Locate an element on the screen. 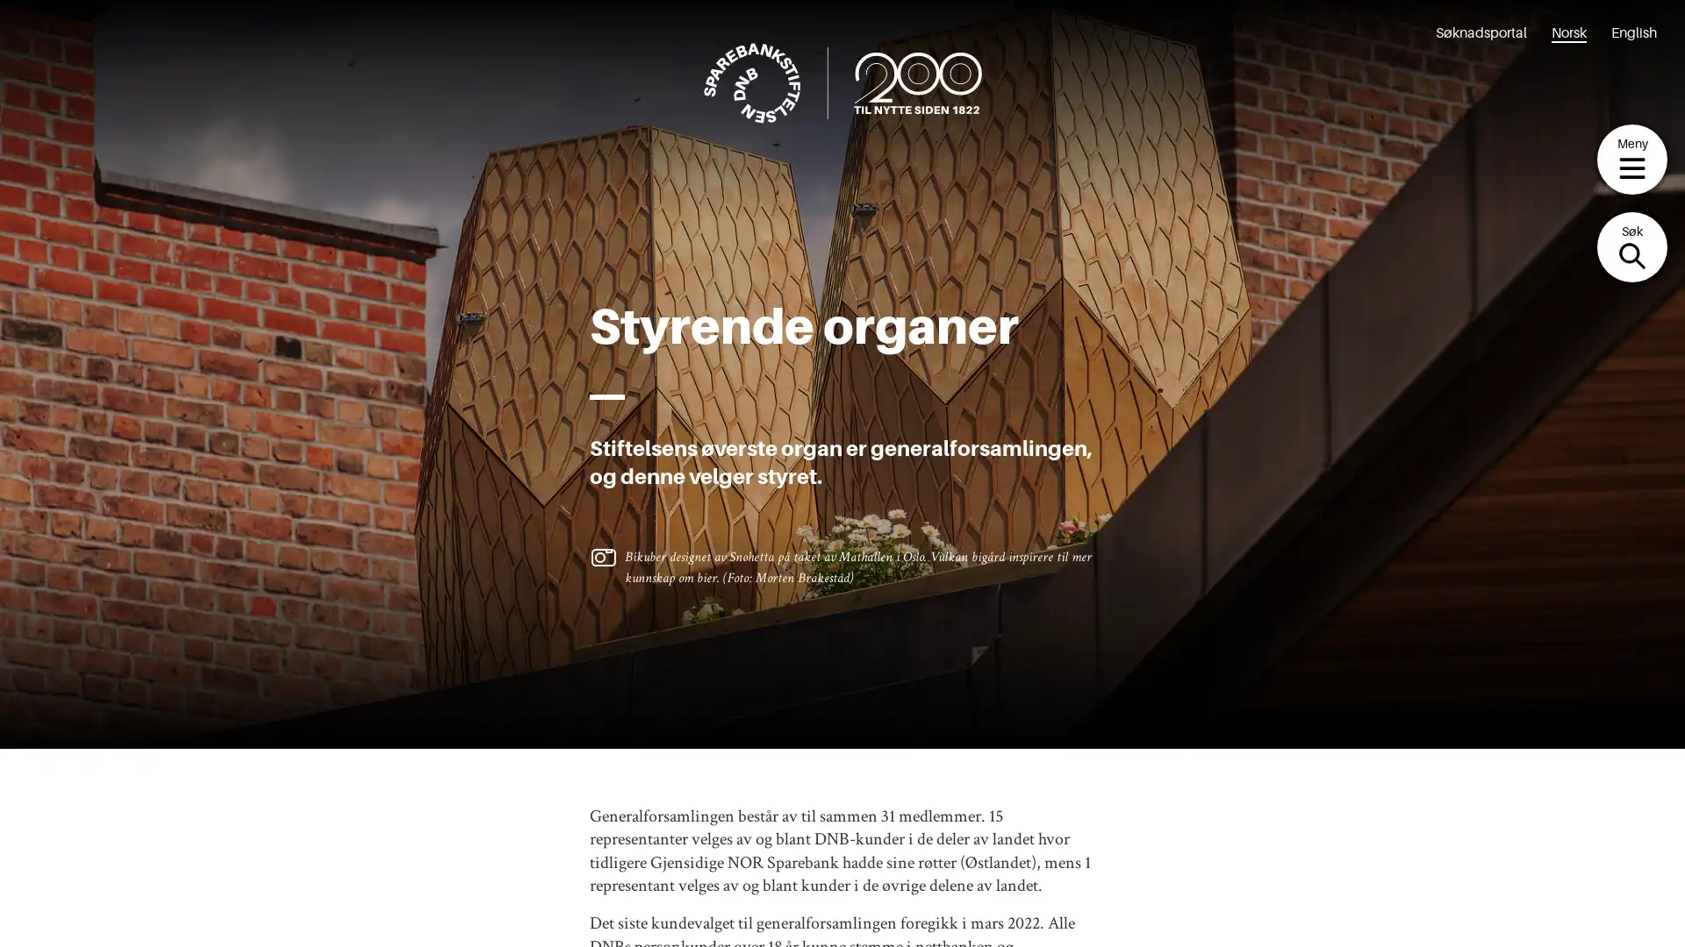 This screenshot has width=1685, height=947. Kun ndvendige is located at coordinates (836, 433).